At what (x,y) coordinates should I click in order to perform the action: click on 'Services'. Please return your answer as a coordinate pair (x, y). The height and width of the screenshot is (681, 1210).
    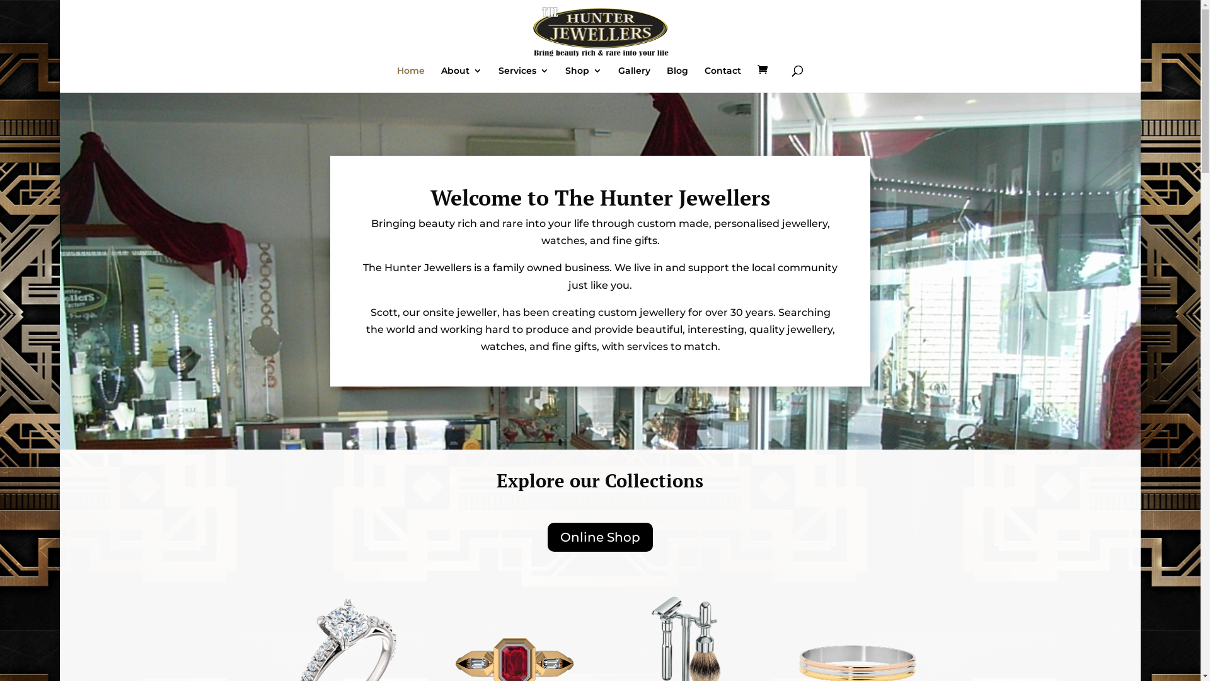
    Looking at the image, I should click on (523, 79).